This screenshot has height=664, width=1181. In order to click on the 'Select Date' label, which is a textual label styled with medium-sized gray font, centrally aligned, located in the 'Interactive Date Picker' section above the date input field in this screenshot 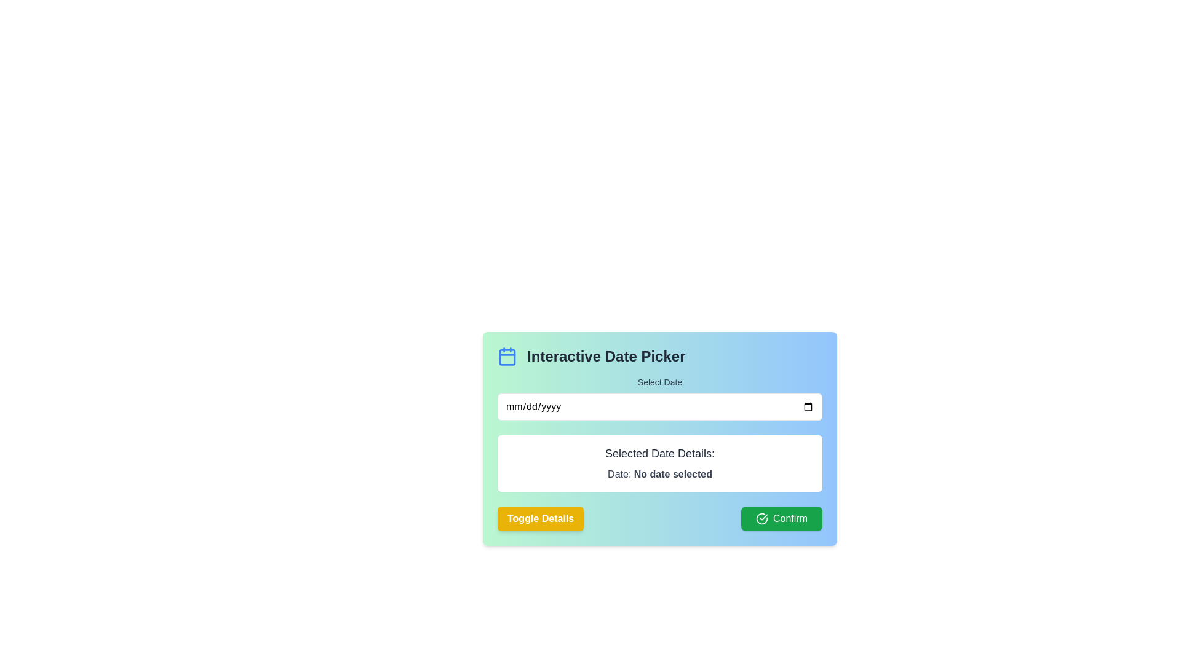, I will do `click(659, 381)`.